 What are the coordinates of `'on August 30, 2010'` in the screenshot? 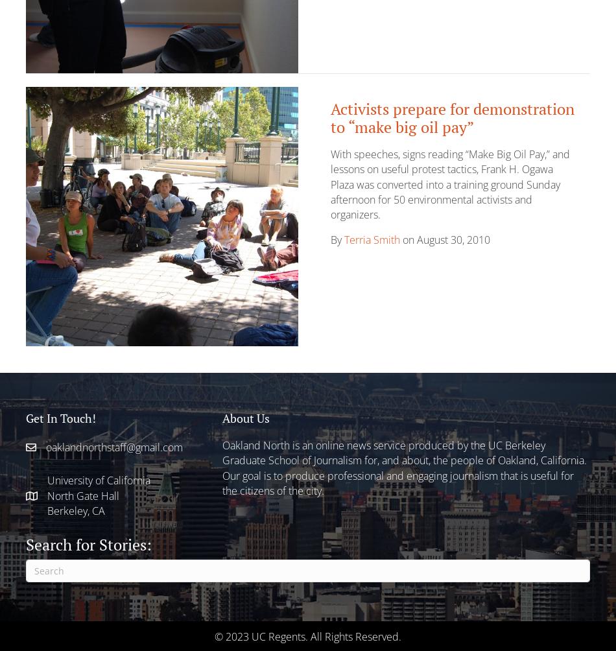 It's located at (445, 239).